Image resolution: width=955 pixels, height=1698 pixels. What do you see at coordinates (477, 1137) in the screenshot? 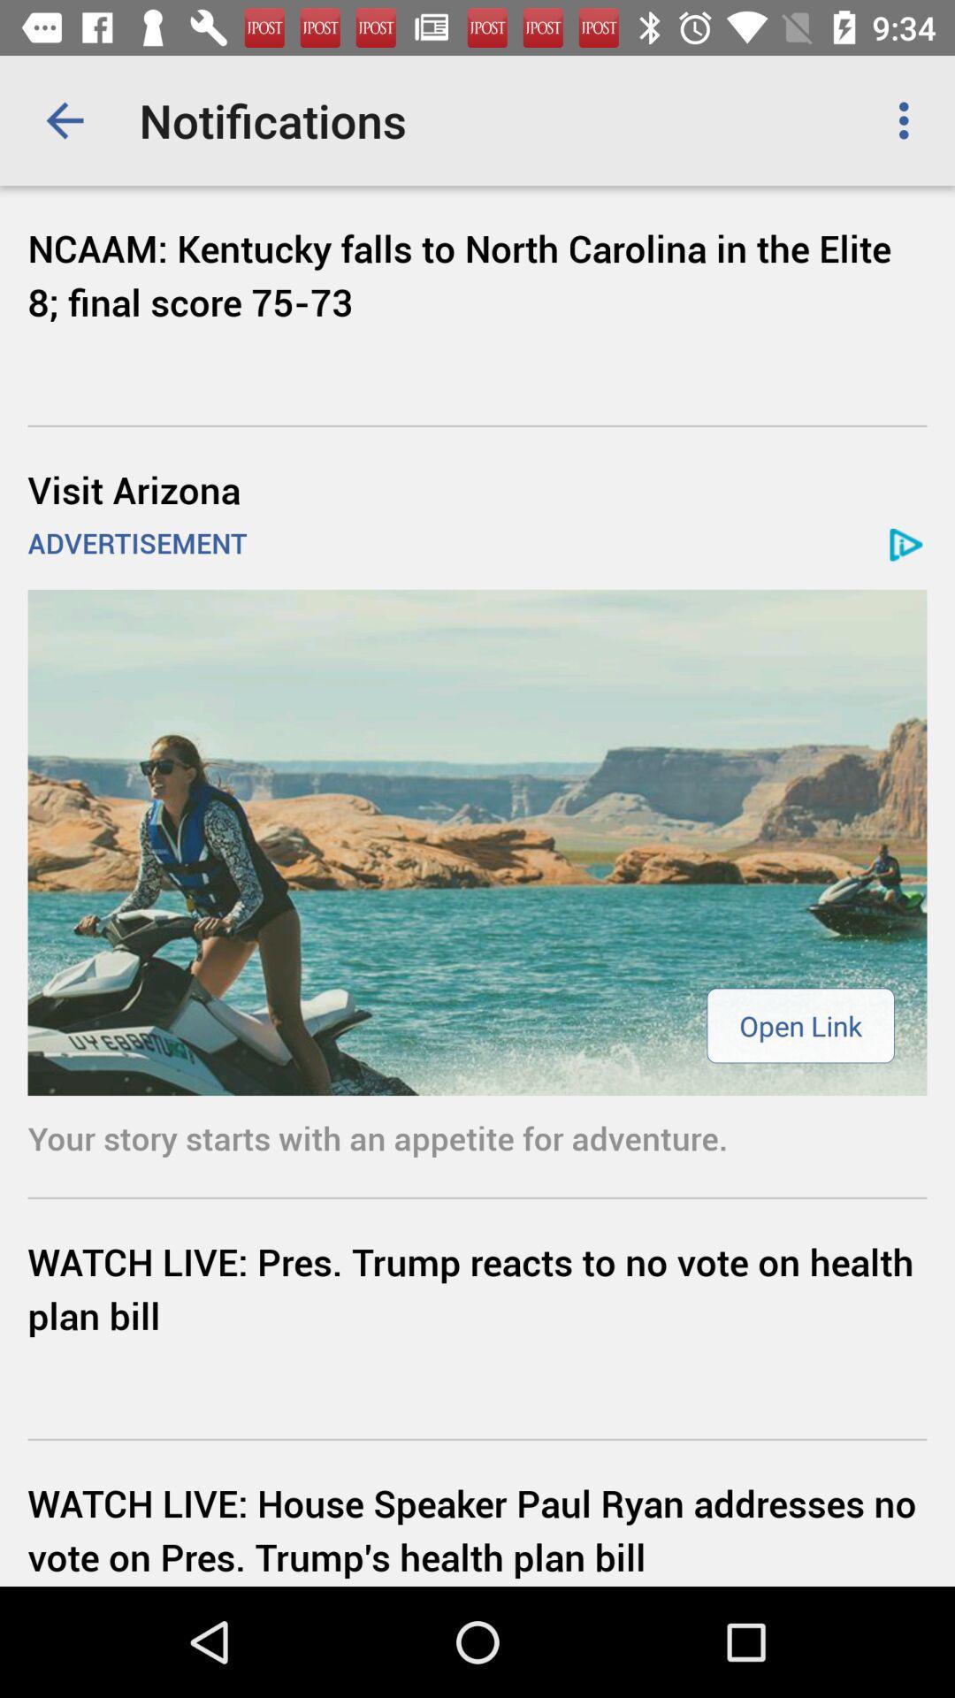
I see `the your story starts item` at bounding box center [477, 1137].